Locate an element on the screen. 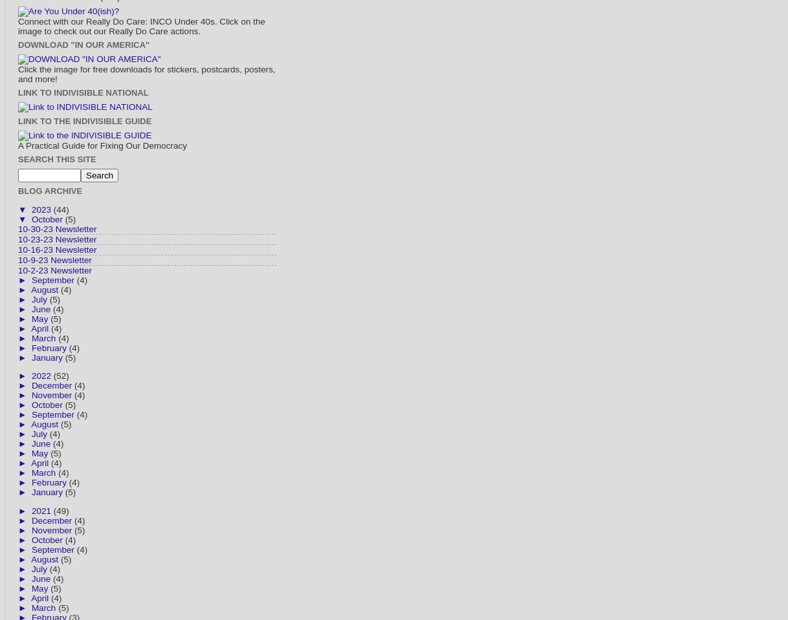 This screenshot has height=620, width=788. '(52)' is located at coordinates (52, 375).